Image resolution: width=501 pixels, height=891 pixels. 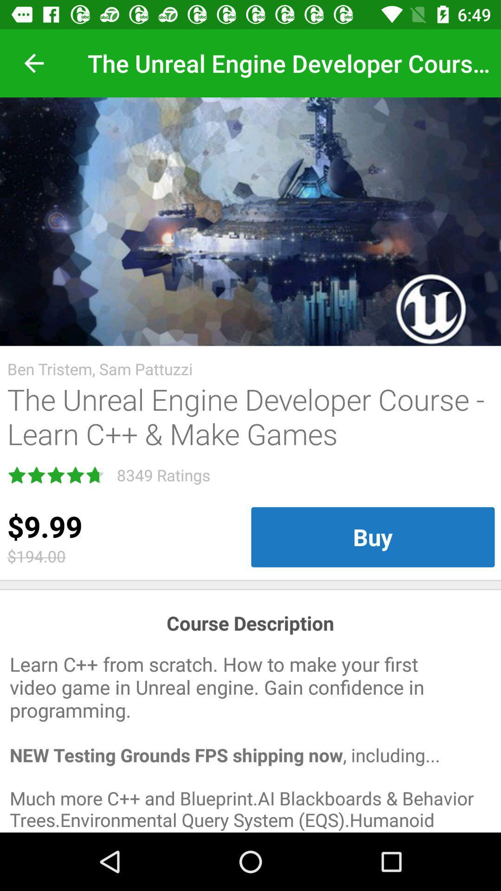 I want to click on the buy, so click(x=372, y=537).